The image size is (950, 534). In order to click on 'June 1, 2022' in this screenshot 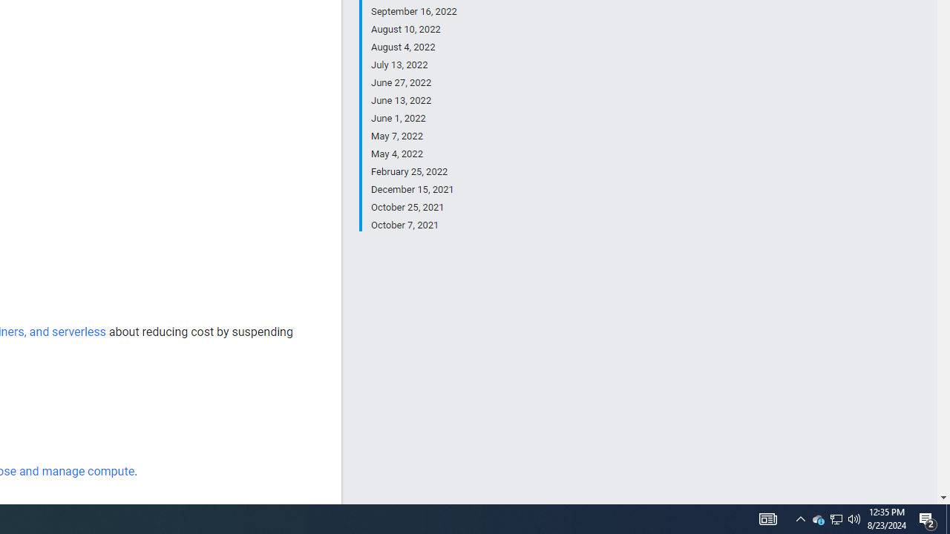, I will do `click(413, 118)`.